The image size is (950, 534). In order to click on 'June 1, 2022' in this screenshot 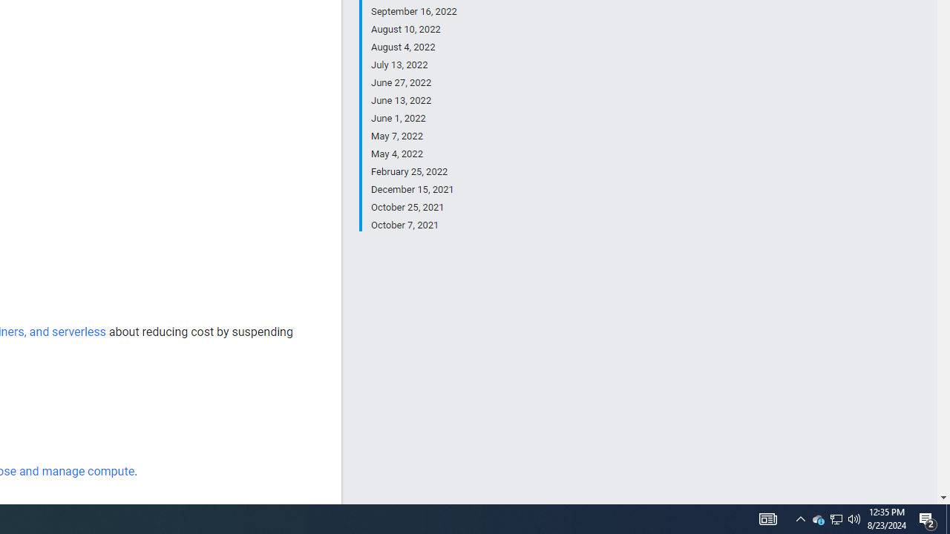, I will do `click(413, 118)`.